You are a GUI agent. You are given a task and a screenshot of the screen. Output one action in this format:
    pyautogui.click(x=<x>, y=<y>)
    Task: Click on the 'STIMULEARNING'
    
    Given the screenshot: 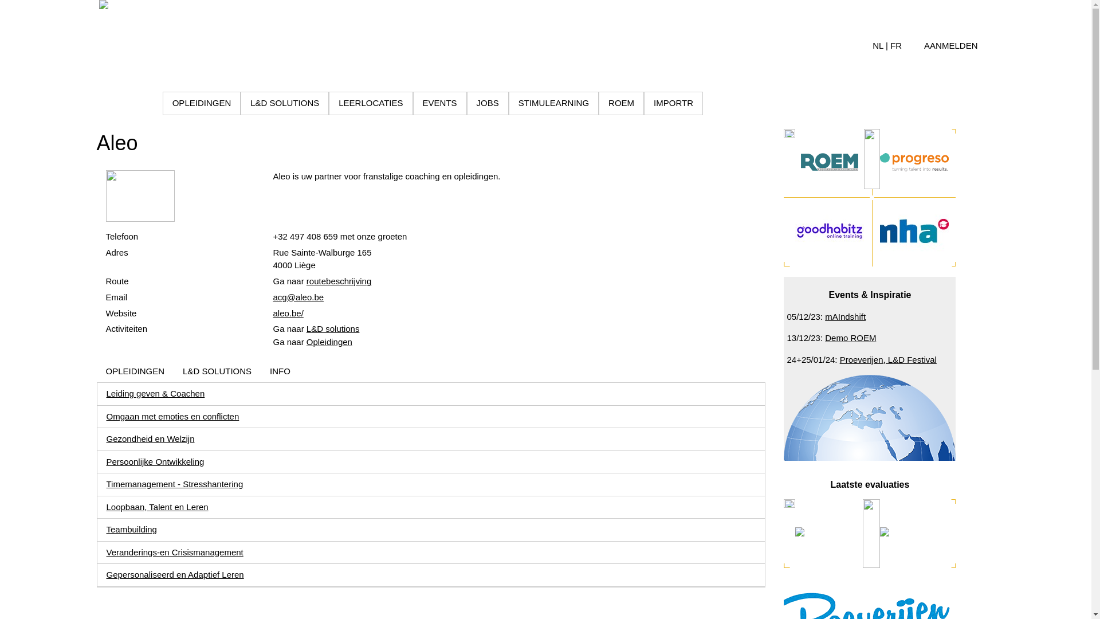 What is the action you would take?
    pyautogui.click(x=553, y=103)
    